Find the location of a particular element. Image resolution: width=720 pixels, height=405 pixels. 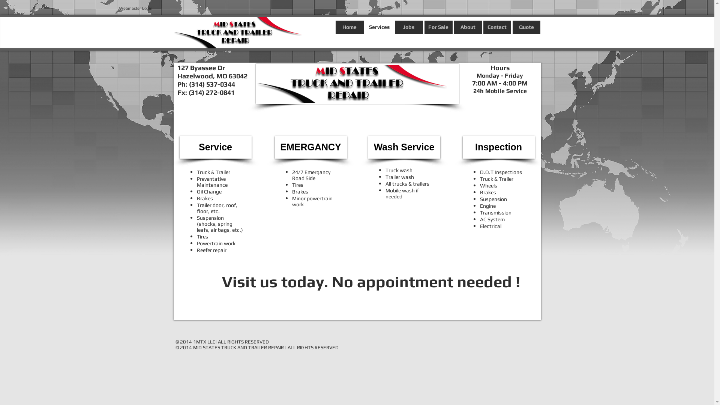

'Site Search' is located at coordinates (133, 32).